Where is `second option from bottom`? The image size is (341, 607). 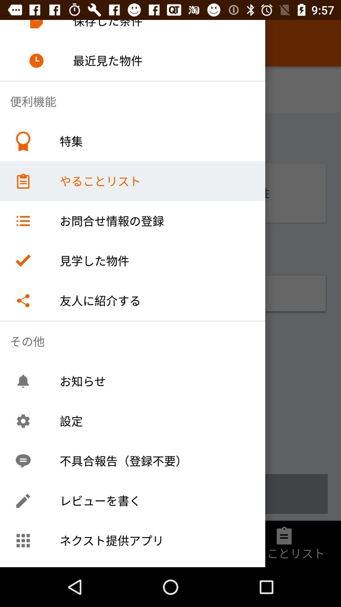
second option from bottom is located at coordinates (170, 493).